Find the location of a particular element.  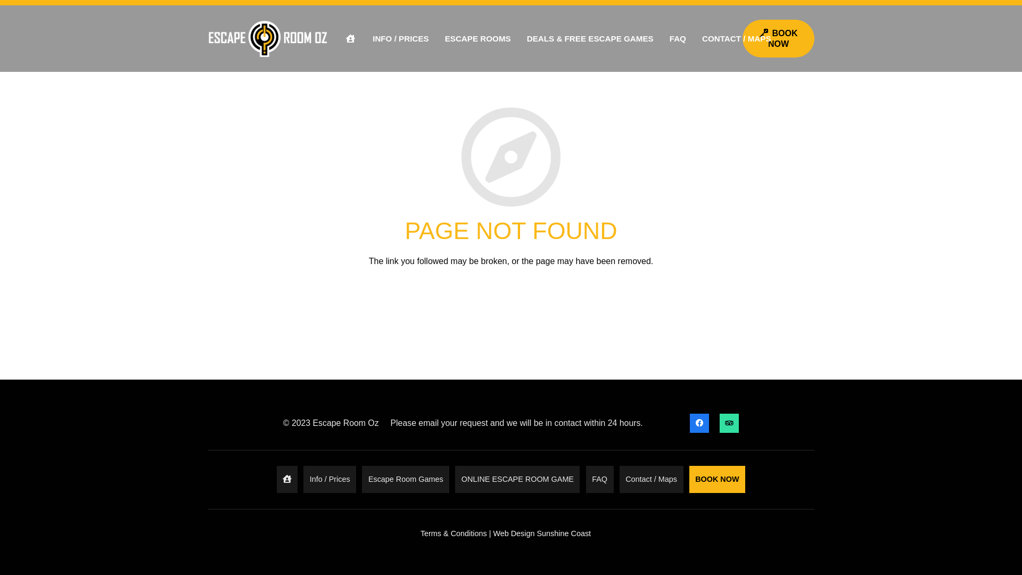

'DEALS & FREE ESCAPE GAMES' is located at coordinates (589, 38).